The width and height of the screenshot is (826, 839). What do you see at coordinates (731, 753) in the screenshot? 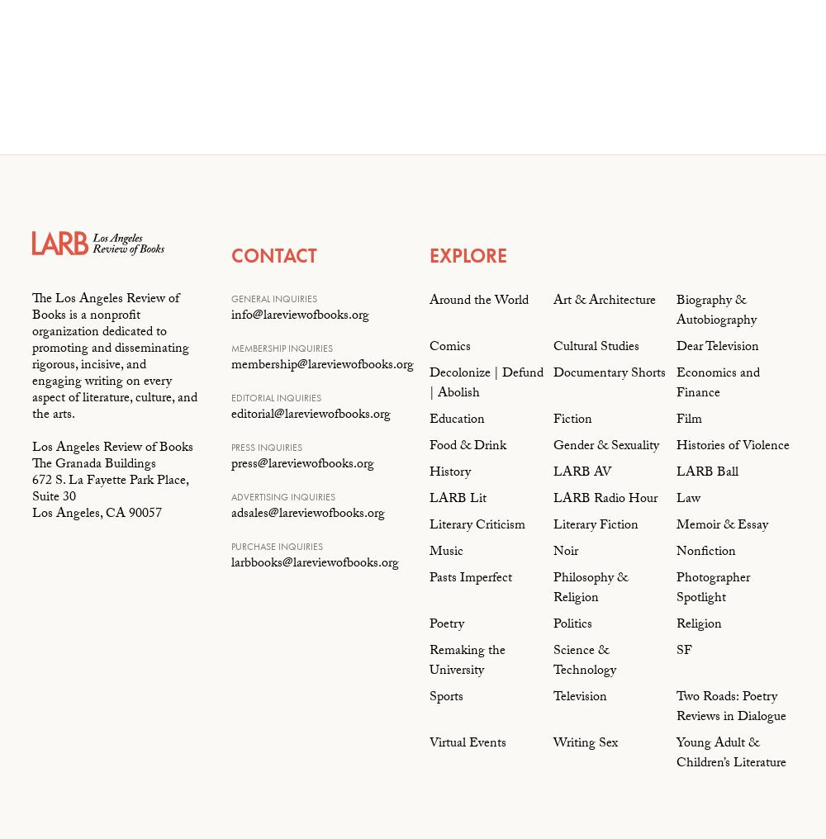
I see `'Young Adult & Children’s Literature'` at bounding box center [731, 753].